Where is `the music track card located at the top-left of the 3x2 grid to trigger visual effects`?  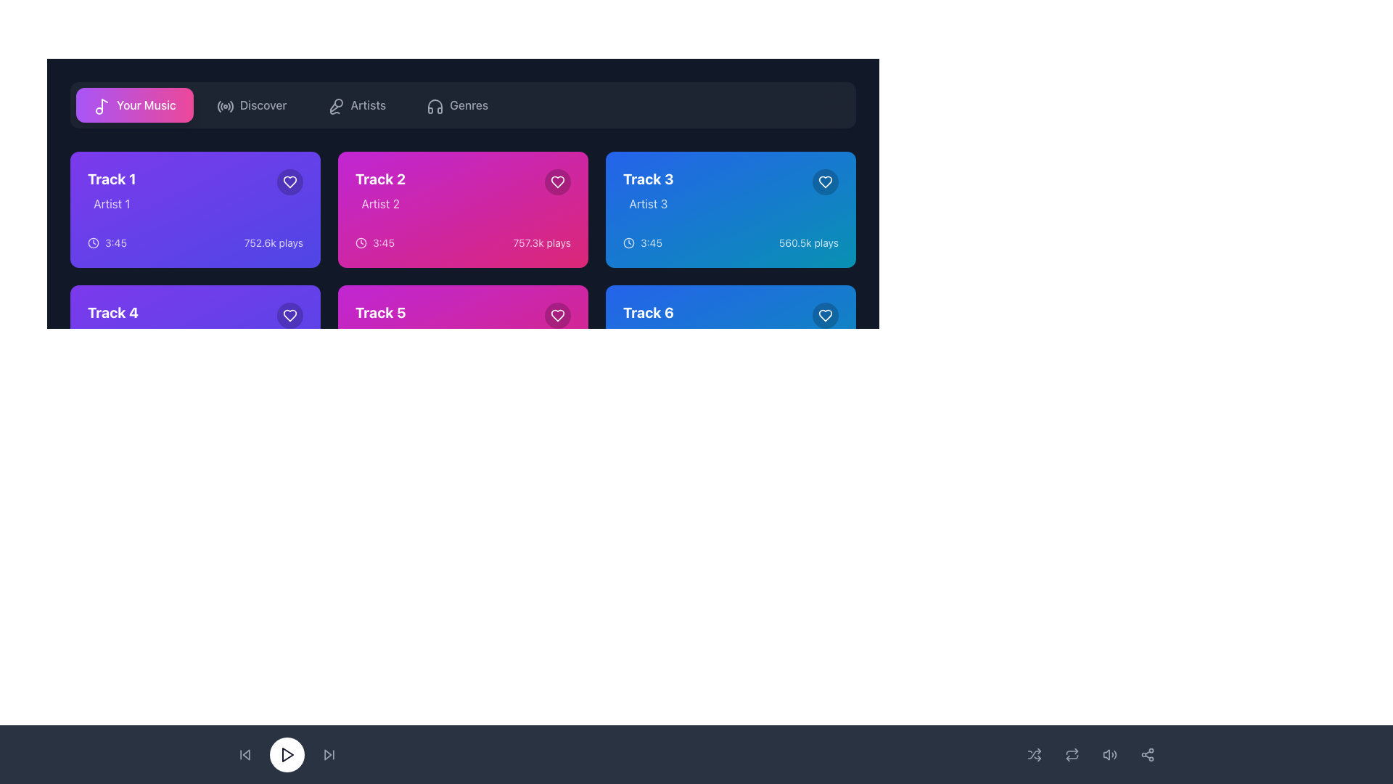 the music track card located at the top-left of the 3x2 grid to trigger visual effects is located at coordinates (194, 210).